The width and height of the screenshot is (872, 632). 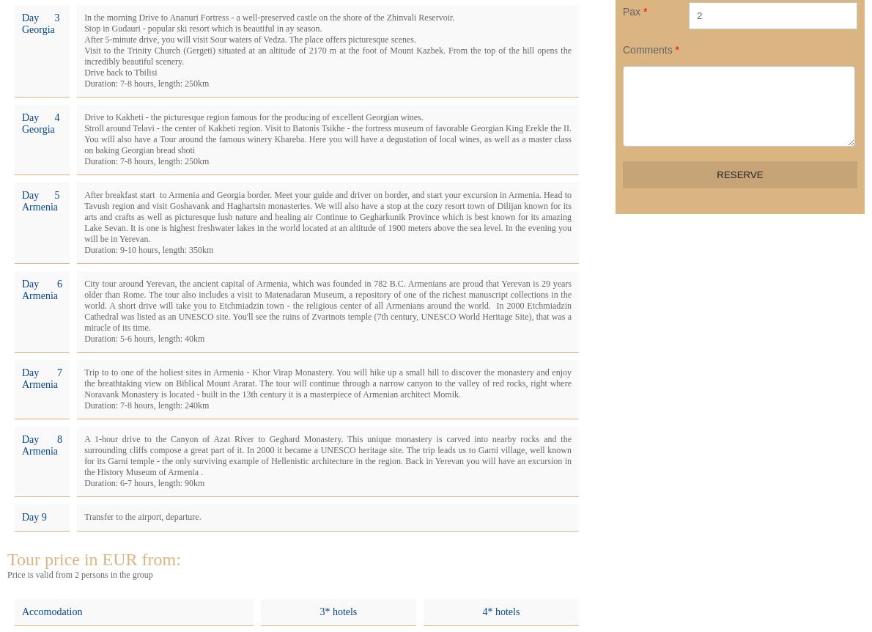 What do you see at coordinates (83, 339) in the screenshot?
I see `'Duration: 5-6 hours, length: 40km'` at bounding box center [83, 339].